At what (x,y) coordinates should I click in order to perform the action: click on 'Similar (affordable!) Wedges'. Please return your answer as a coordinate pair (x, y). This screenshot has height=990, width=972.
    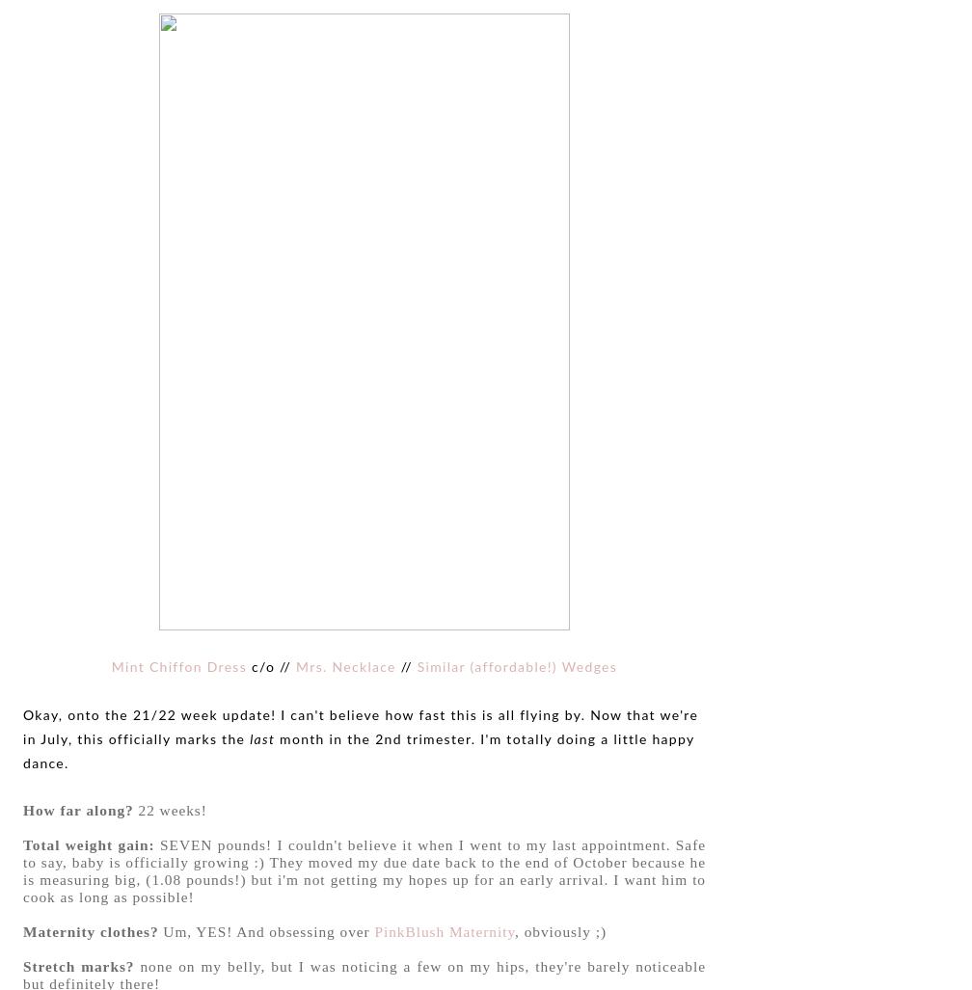
    Looking at the image, I should click on (516, 666).